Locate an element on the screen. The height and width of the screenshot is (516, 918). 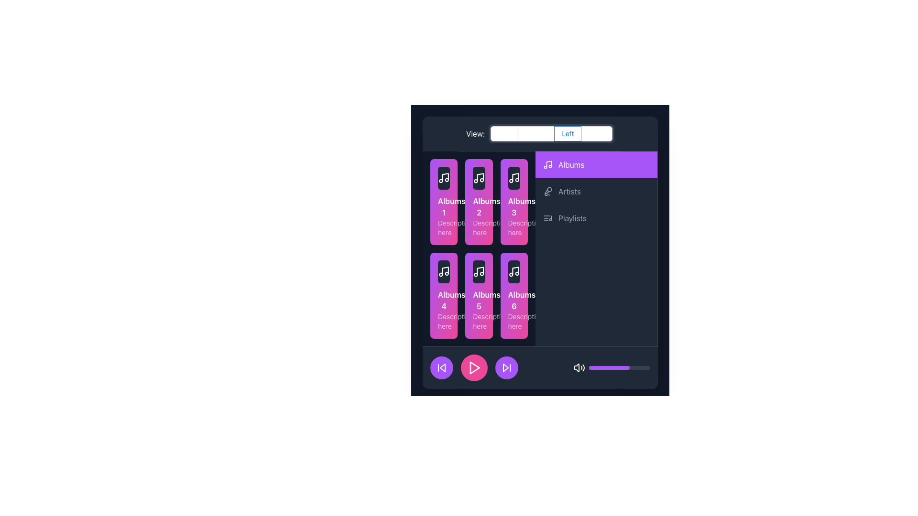
the volume is located at coordinates (622, 367).